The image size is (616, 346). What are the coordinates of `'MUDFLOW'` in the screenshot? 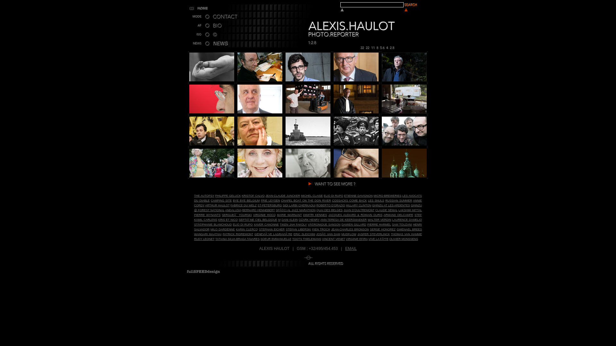 It's located at (348, 234).